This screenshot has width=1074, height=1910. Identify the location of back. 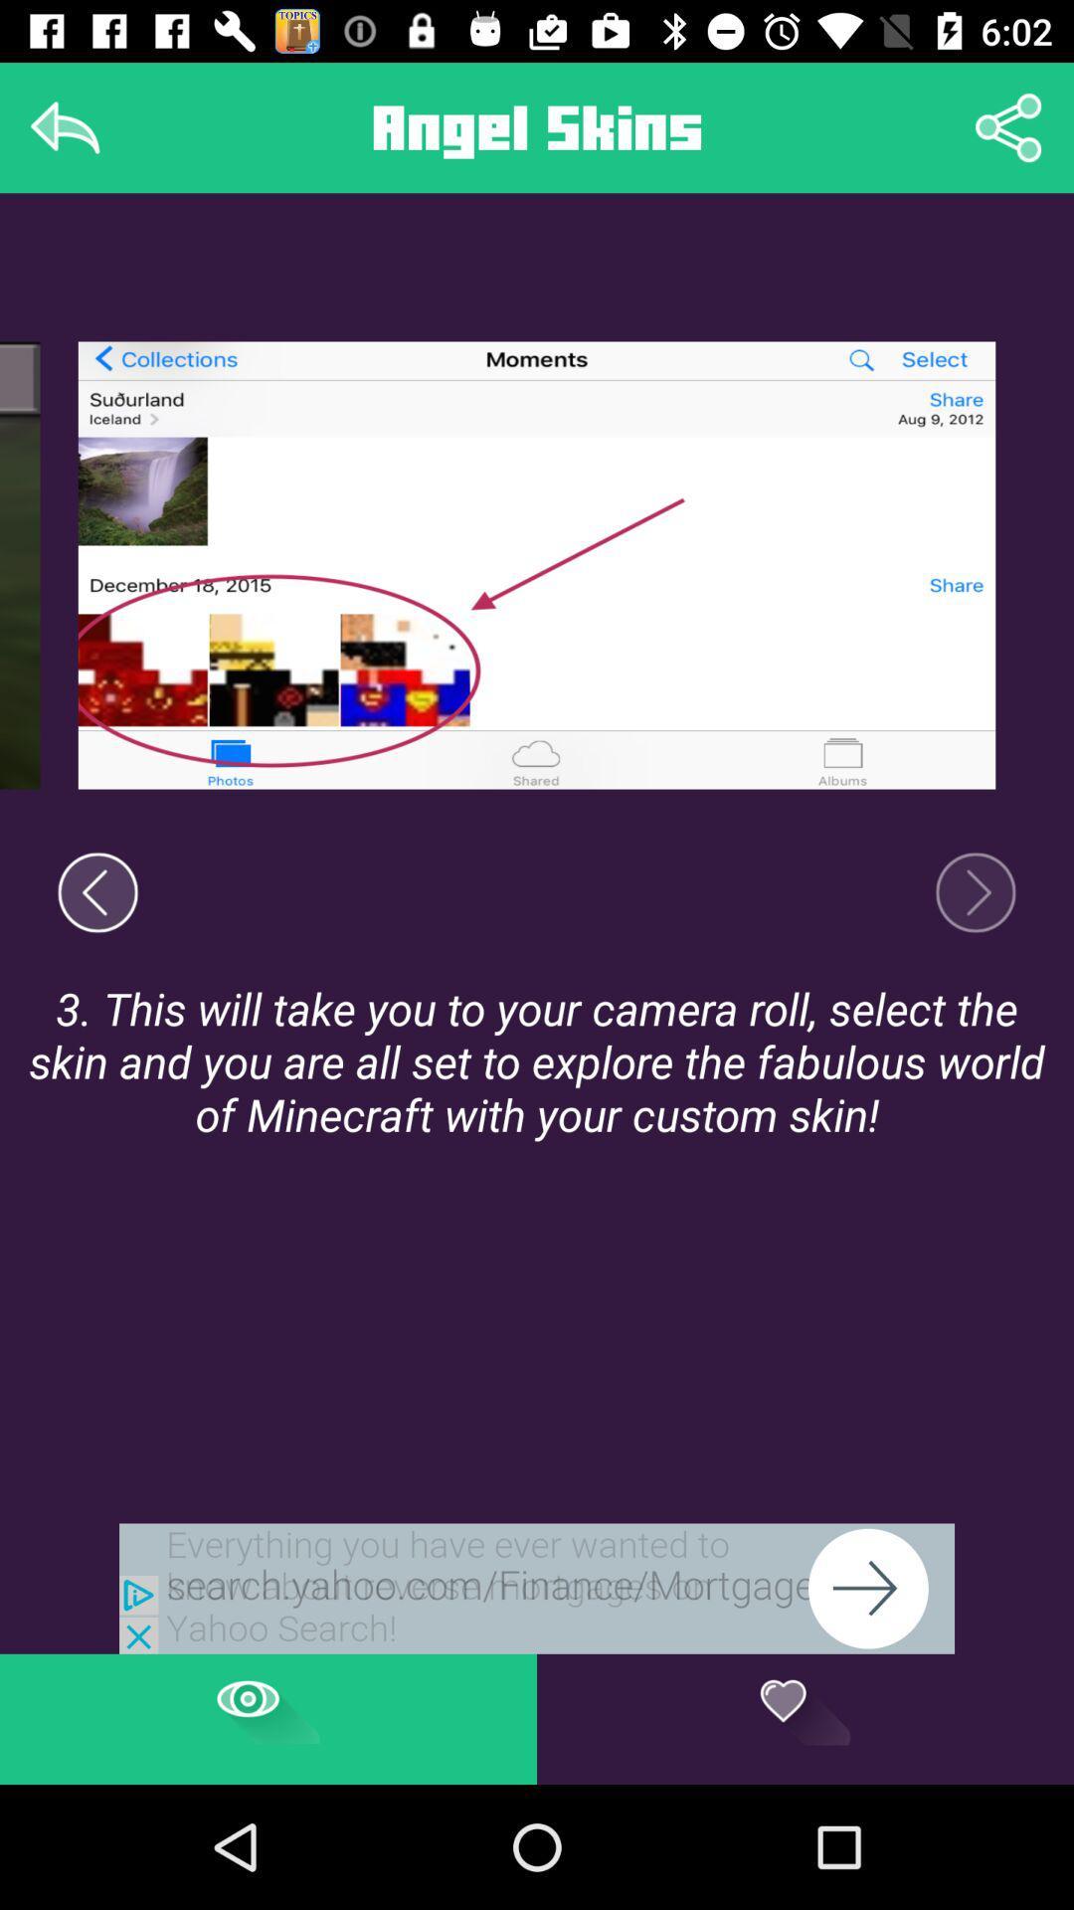
(64, 126).